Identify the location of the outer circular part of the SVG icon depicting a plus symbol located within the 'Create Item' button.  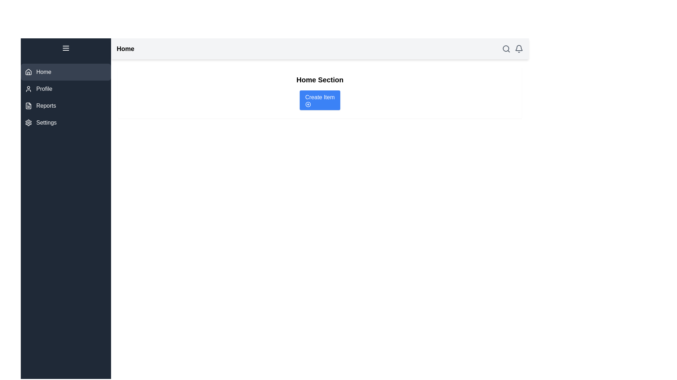
(308, 104).